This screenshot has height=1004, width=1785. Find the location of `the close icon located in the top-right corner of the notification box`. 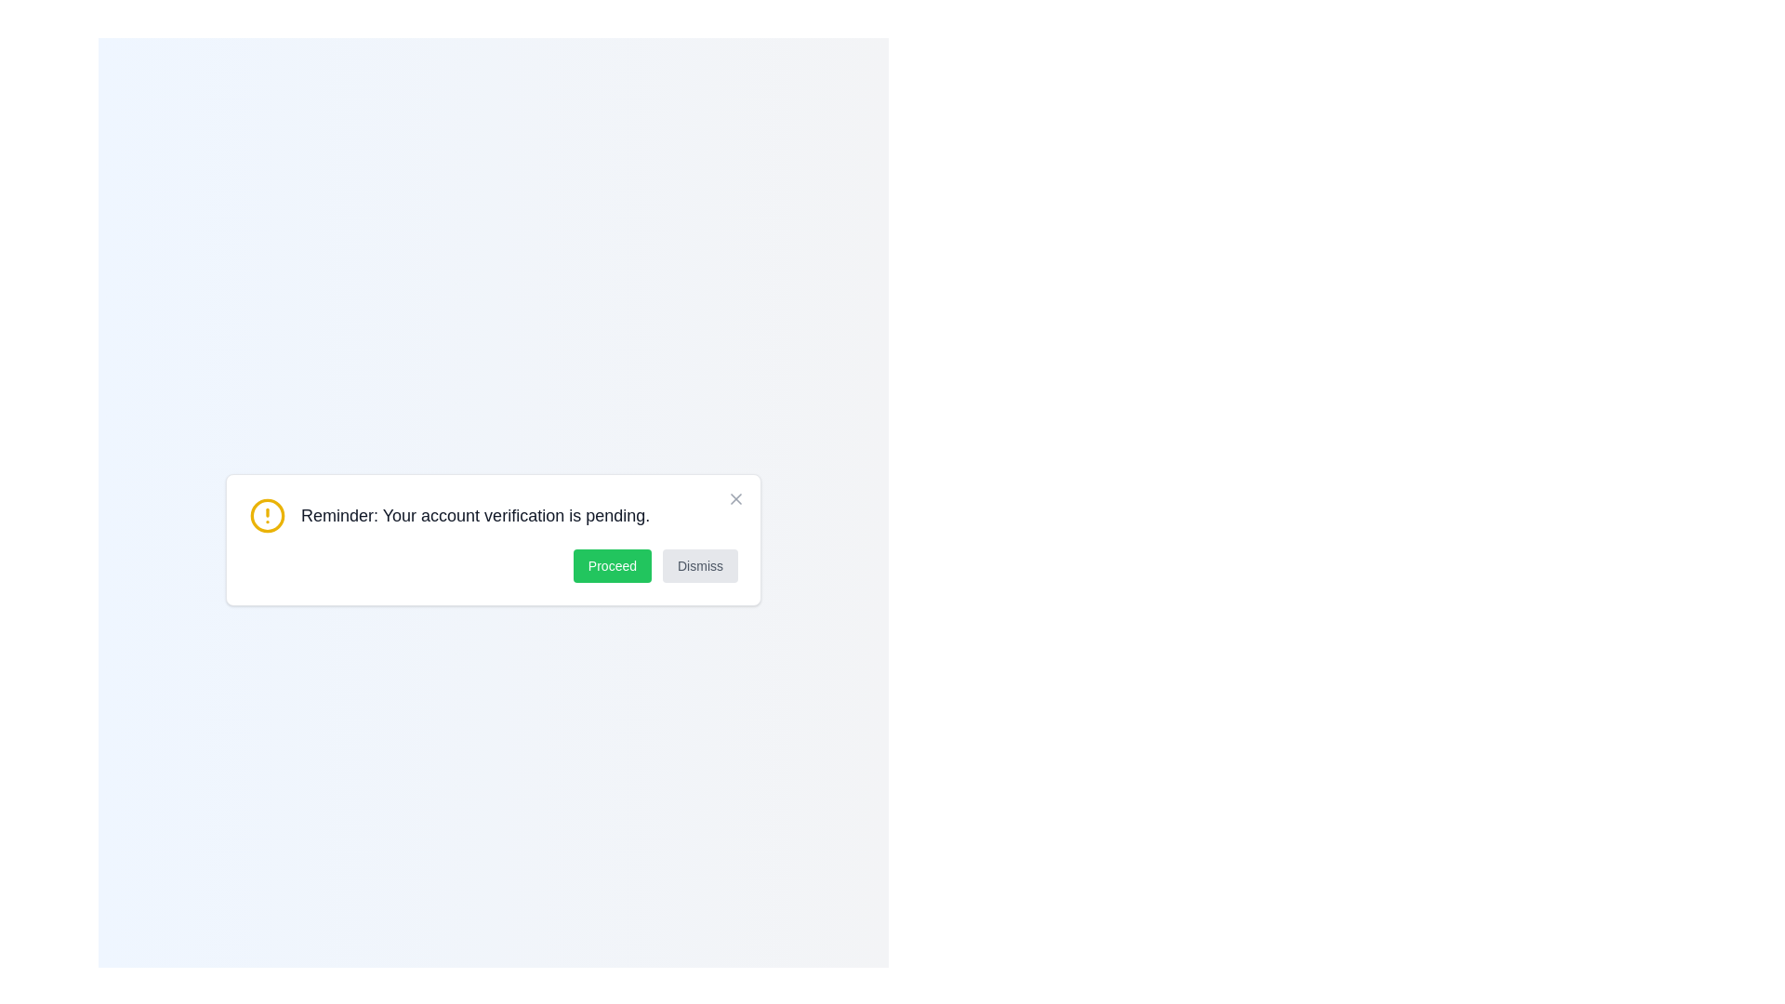

the close icon located in the top-right corner of the notification box is located at coordinates (735, 497).